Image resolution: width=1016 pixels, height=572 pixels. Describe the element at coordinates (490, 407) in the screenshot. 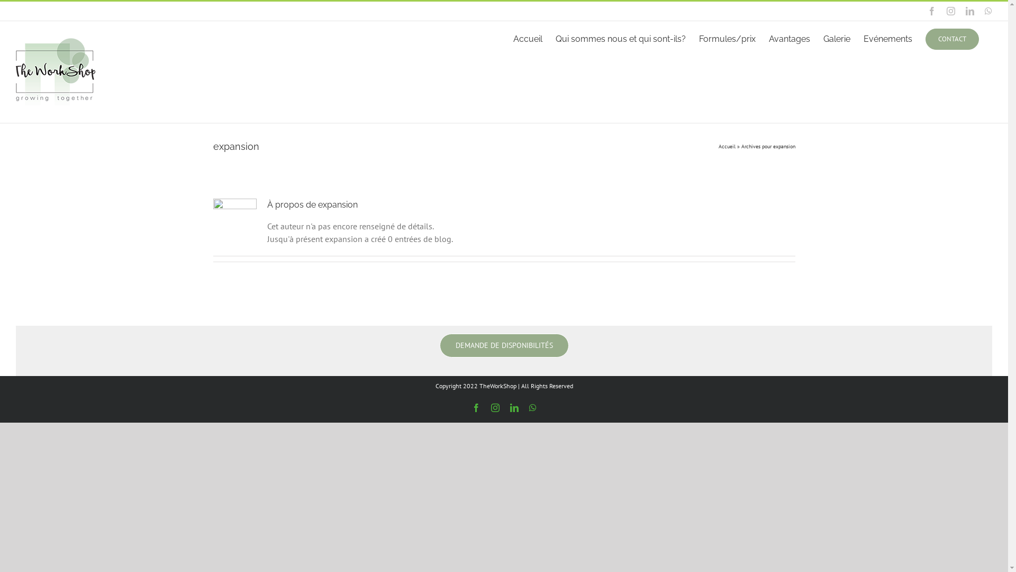

I see `'Instagram'` at that location.